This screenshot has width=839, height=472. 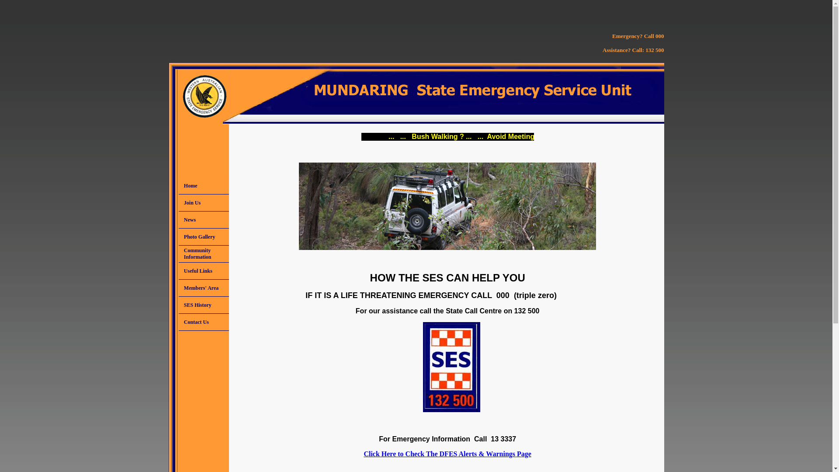 What do you see at coordinates (203, 185) in the screenshot?
I see `'Home'` at bounding box center [203, 185].